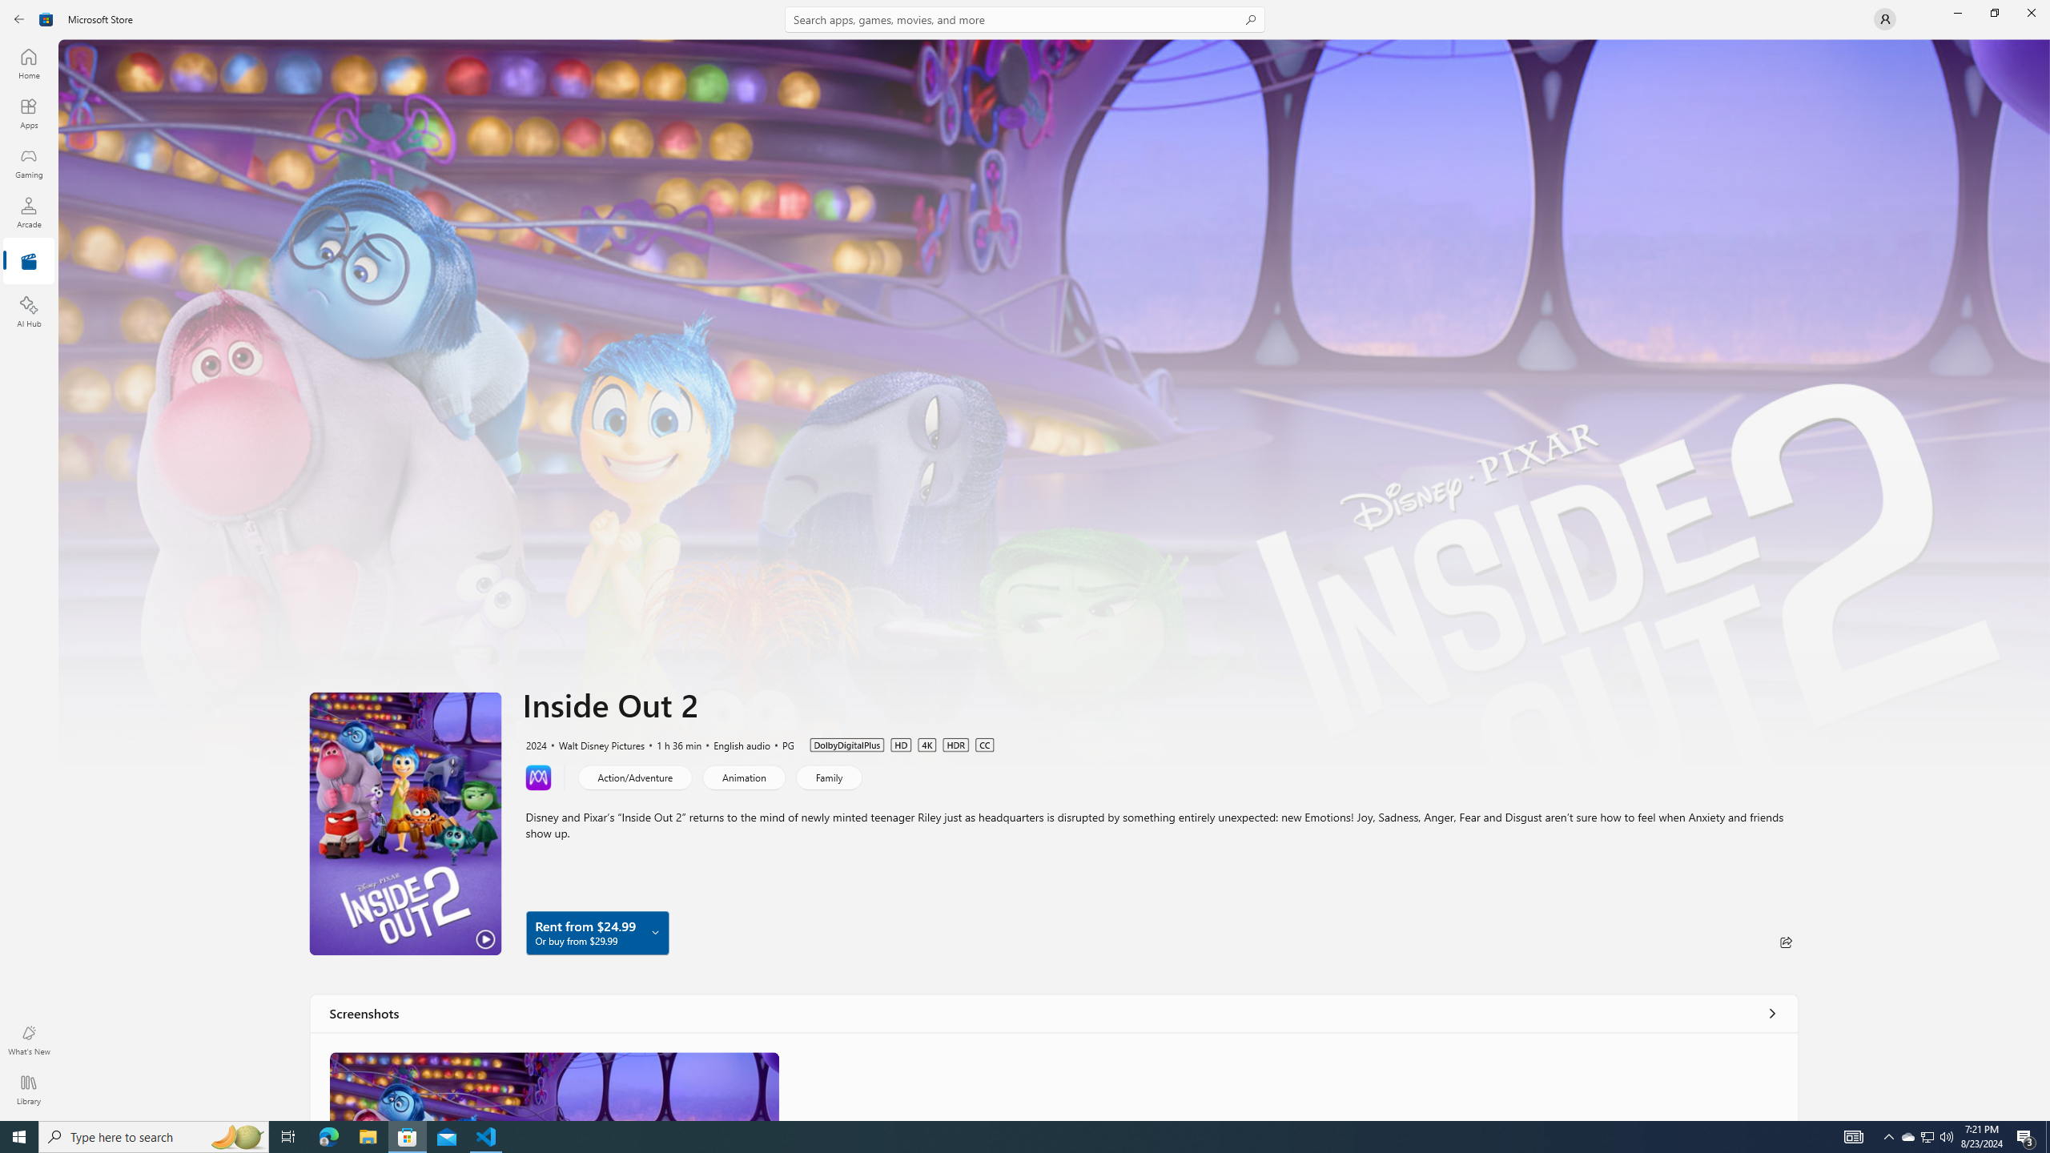 The width and height of the screenshot is (2050, 1153). I want to click on 'Family', so click(828, 776).